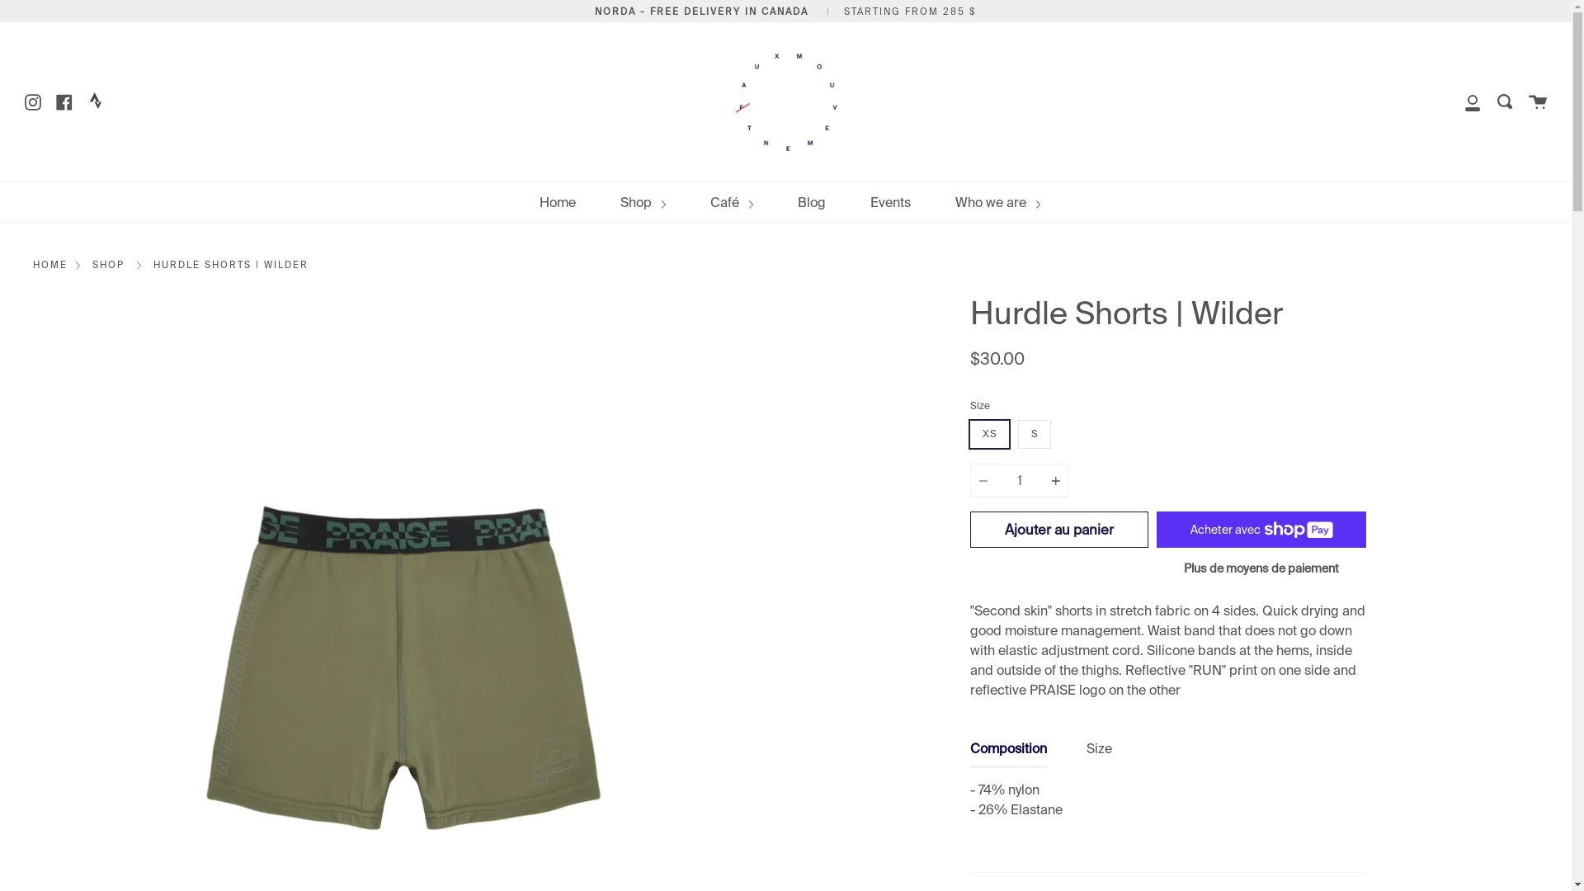 The image size is (1584, 891). What do you see at coordinates (1505, 101) in the screenshot?
I see `'Research'` at bounding box center [1505, 101].